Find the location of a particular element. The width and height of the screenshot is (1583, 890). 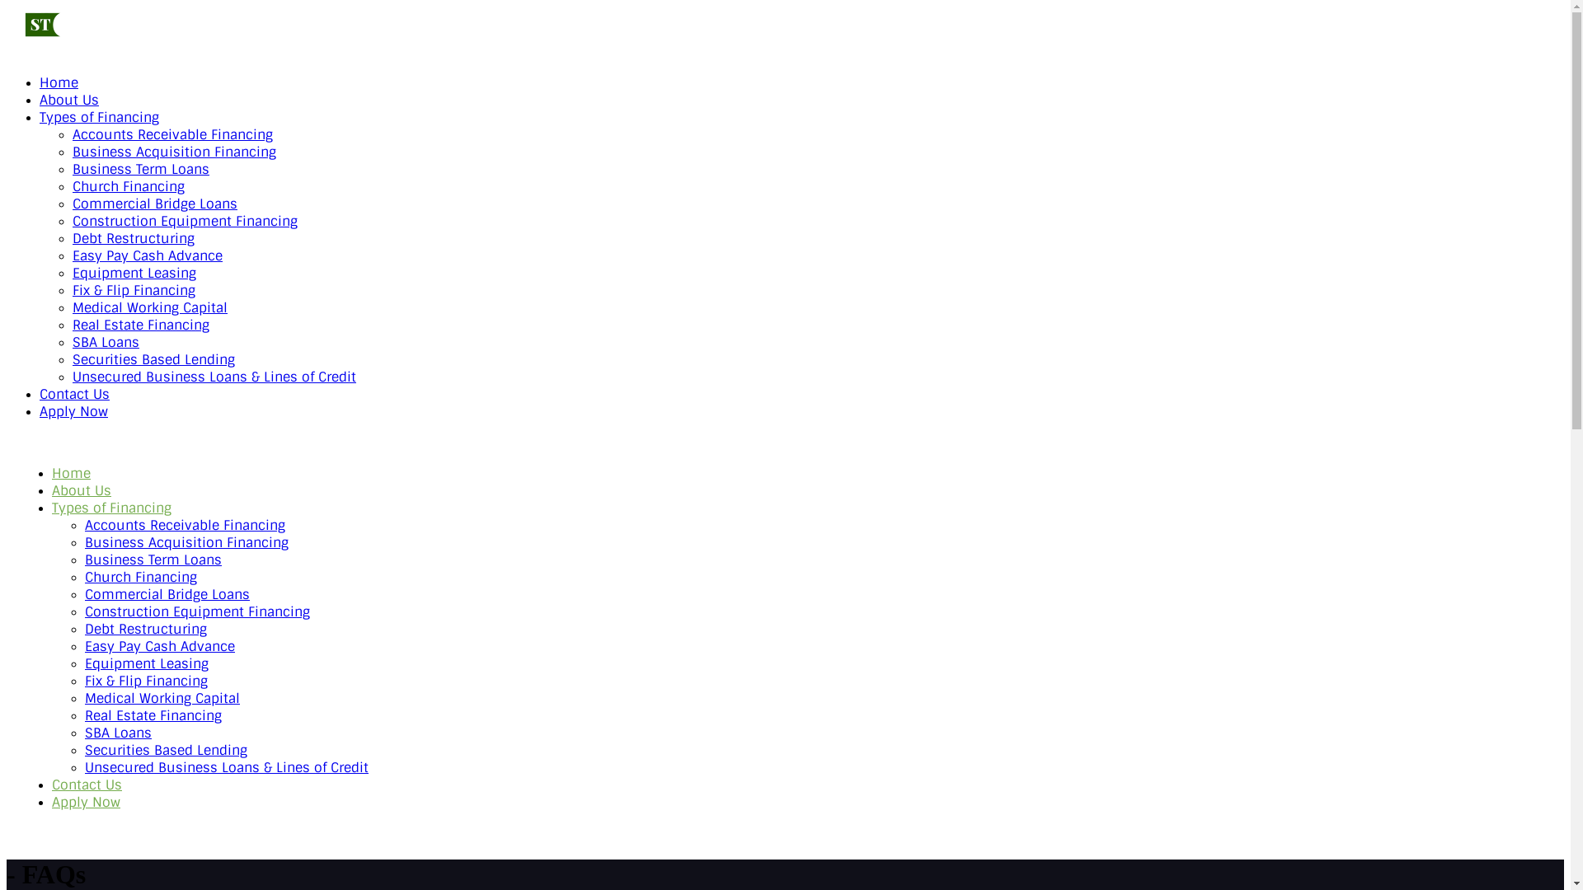

'Unsecured Business Loans & Lines of Credit' is located at coordinates (213, 377).